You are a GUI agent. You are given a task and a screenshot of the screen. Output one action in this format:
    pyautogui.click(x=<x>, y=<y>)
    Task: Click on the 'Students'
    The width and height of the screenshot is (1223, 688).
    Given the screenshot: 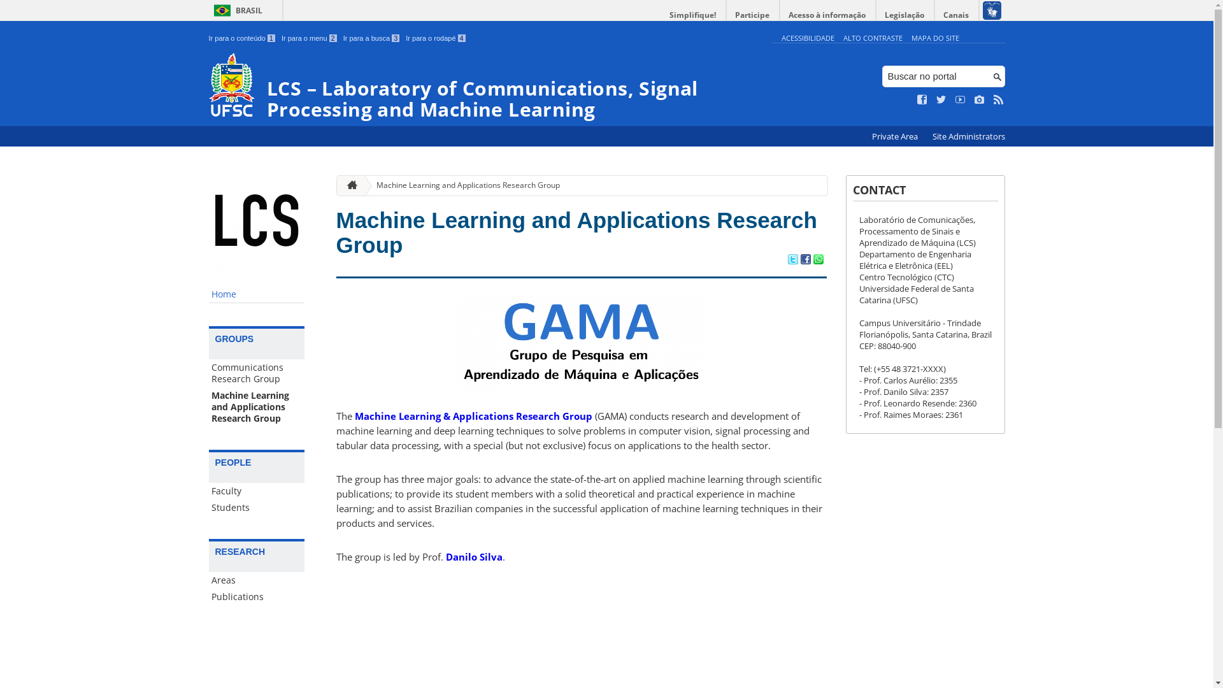 What is the action you would take?
    pyautogui.click(x=256, y=507)
    